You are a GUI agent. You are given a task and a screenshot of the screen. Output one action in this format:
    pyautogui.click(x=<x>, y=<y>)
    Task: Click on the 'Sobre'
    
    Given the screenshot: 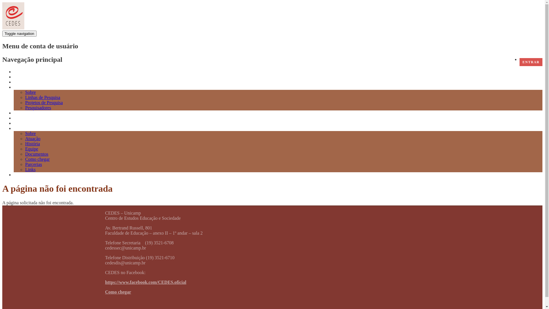 What is the action you would take?
    pyautogui.click(x=30, y=92)
    